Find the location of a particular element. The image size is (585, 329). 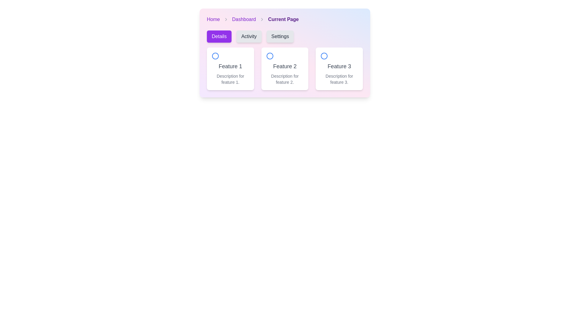

the horizontal button group containing the 'Details', 'Activity', and 'Settings' buttons, where the 'Details' button is currently selected with a purple background is located at coordinates (285, 36).